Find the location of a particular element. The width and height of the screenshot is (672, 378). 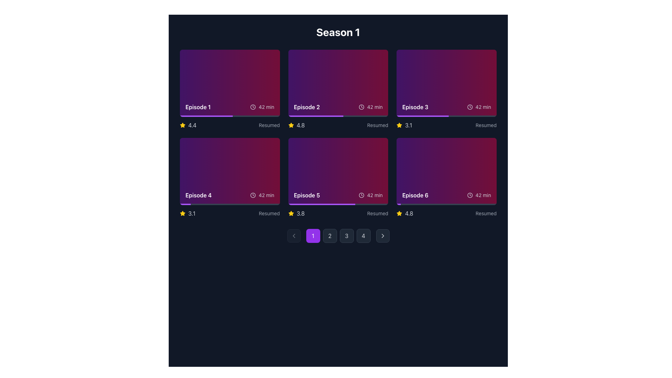

the filled yellow star icon located to the left of the numeric rating '3.1' beneath the card labeled 'Episode 3' in the second row, first column of the series season layout is located at coordinates (399, 125).